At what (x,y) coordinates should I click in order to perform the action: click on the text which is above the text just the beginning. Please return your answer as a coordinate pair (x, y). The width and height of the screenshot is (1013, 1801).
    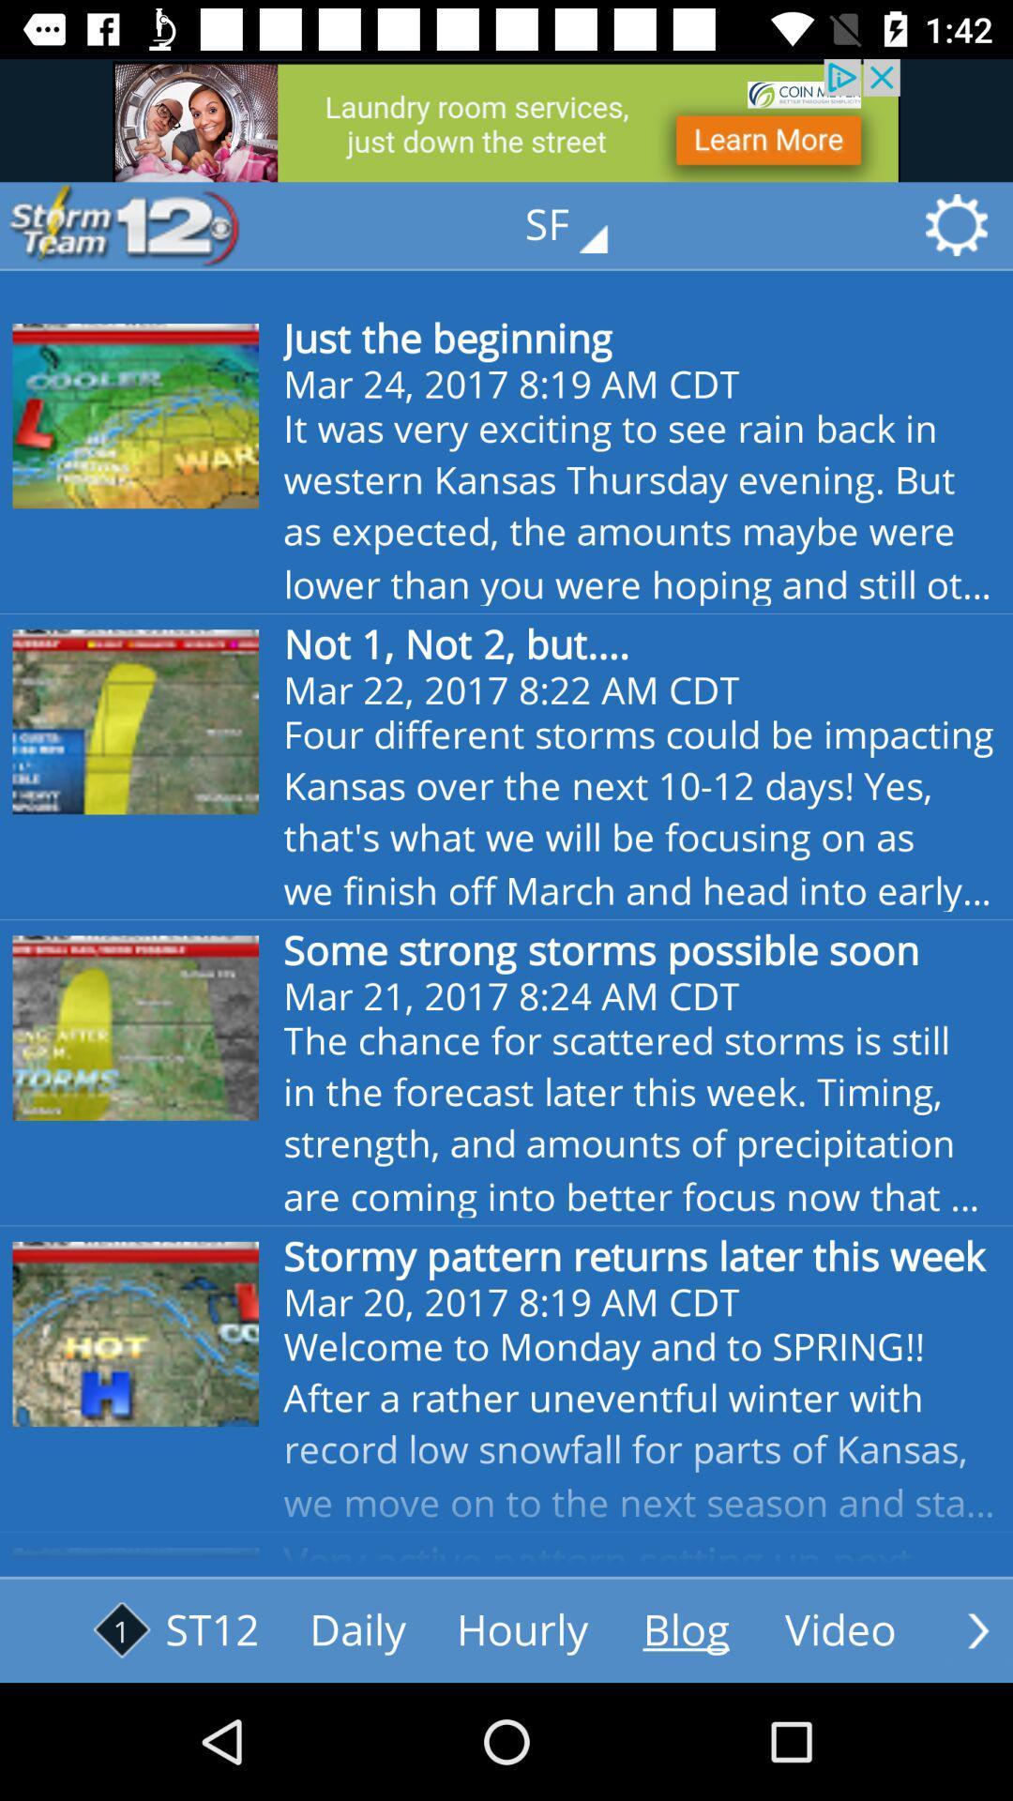
    Looking at the image, I should click on (579, 225).